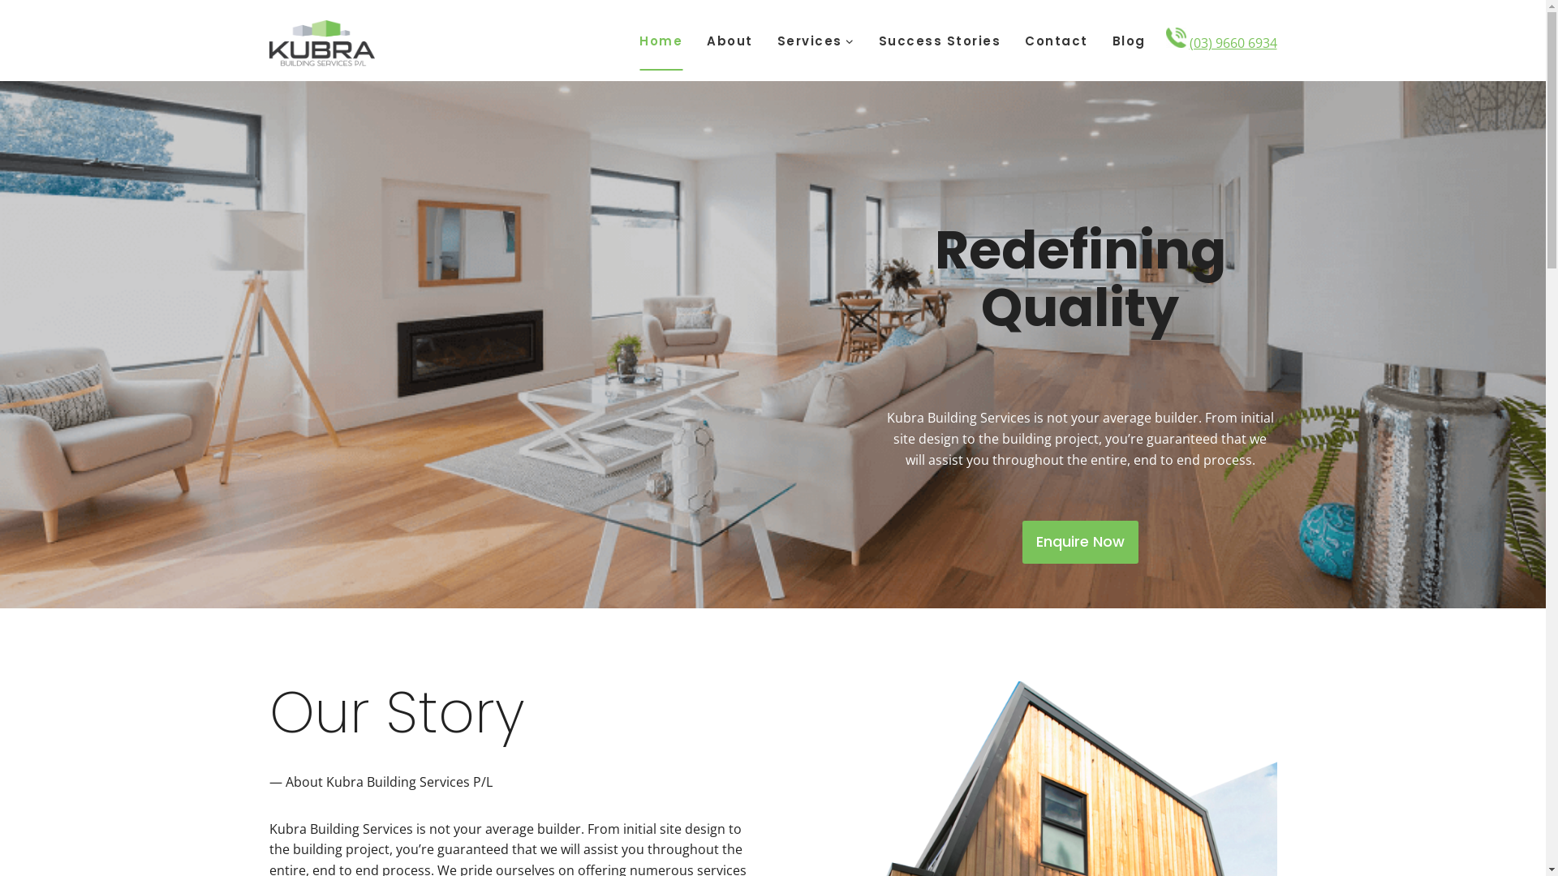 The height and width of the screenshot is (876, 1558). What do you see at coordinates (1080, 542) in the screenshot?
I see `'Enquire Now'` at bounding box center [1080, 542].